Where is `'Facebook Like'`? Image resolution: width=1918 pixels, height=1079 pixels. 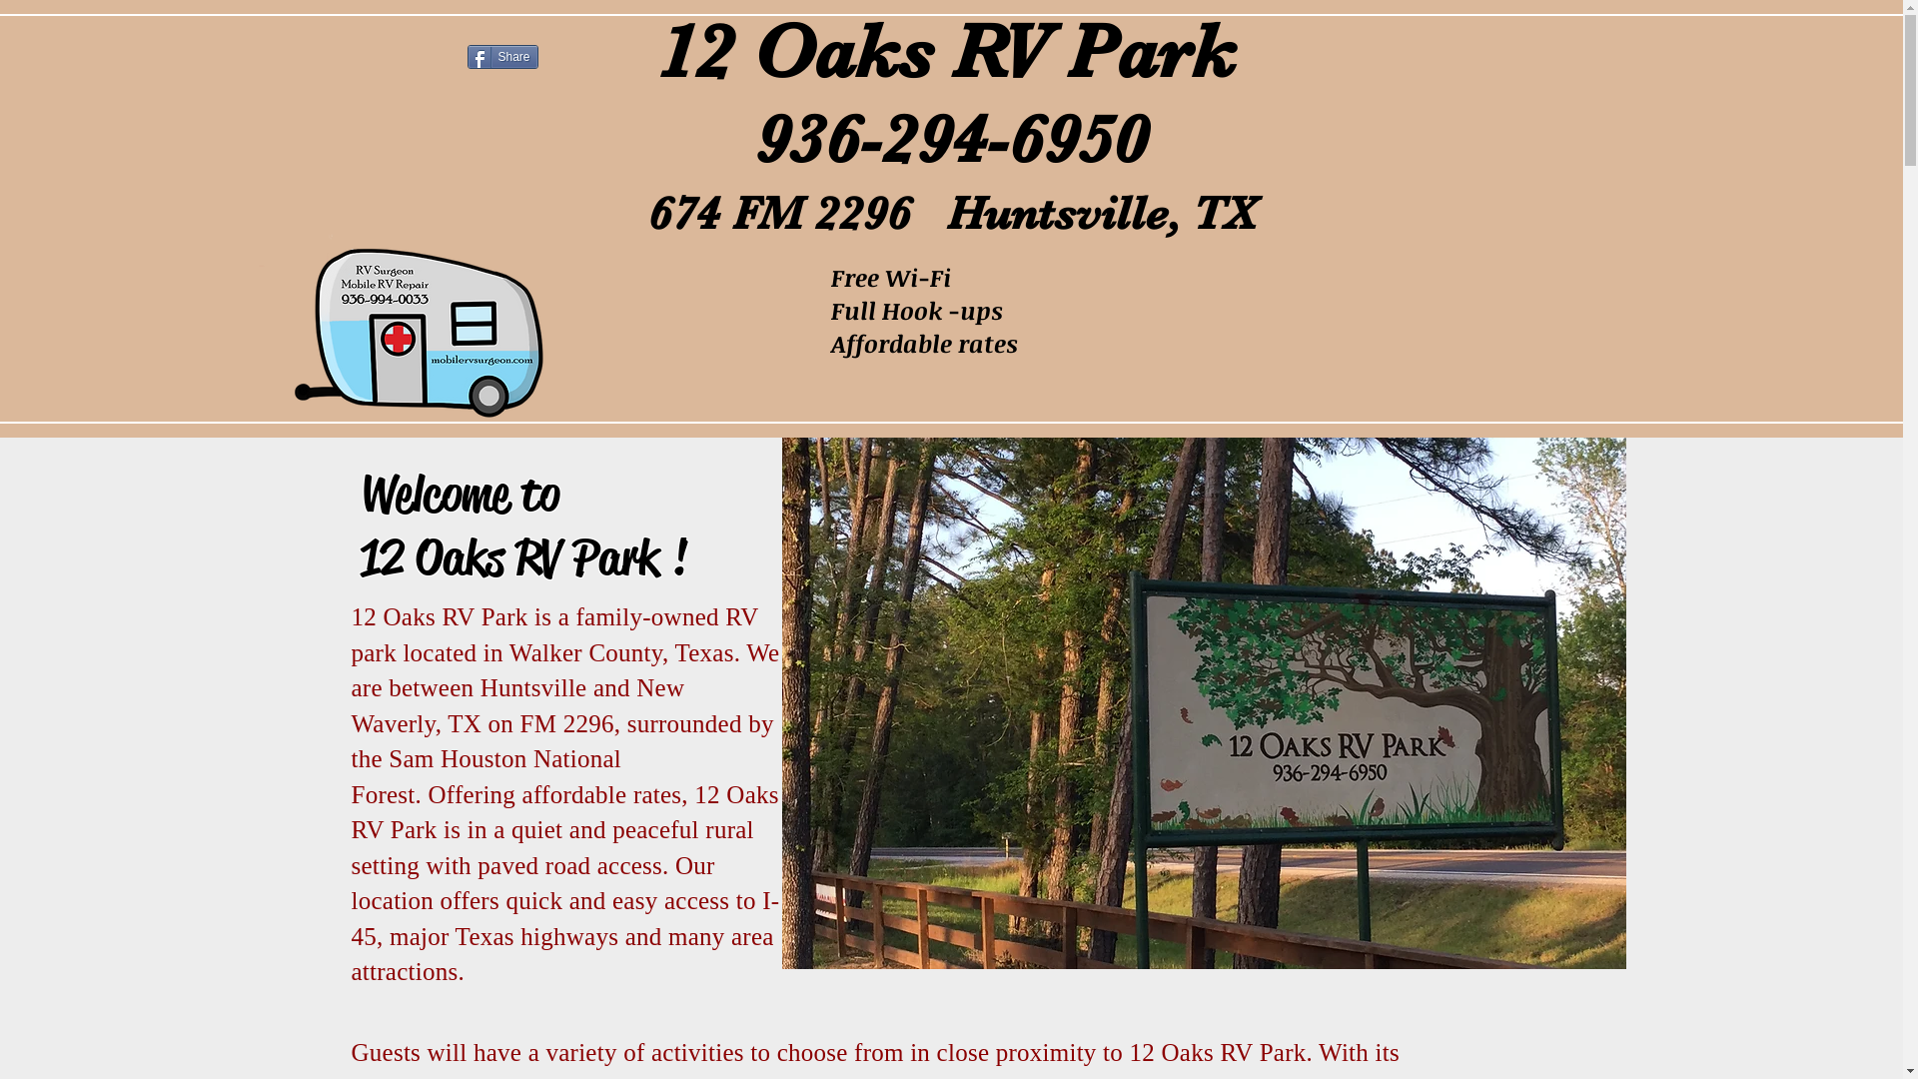
'Facebook Like' is located at coordinates (411, 56).